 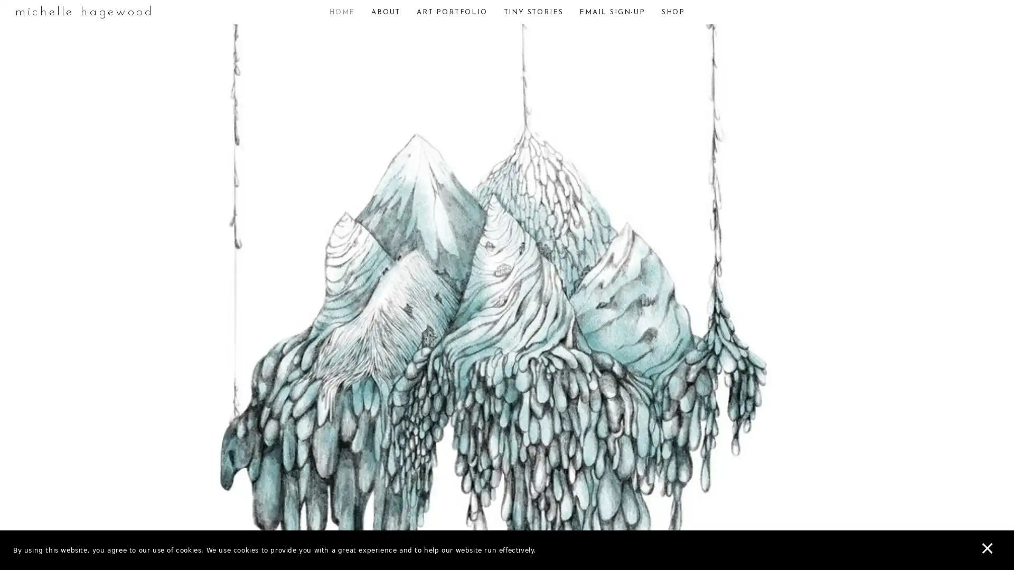 I want to click on Close, so click(x=658, y=174).